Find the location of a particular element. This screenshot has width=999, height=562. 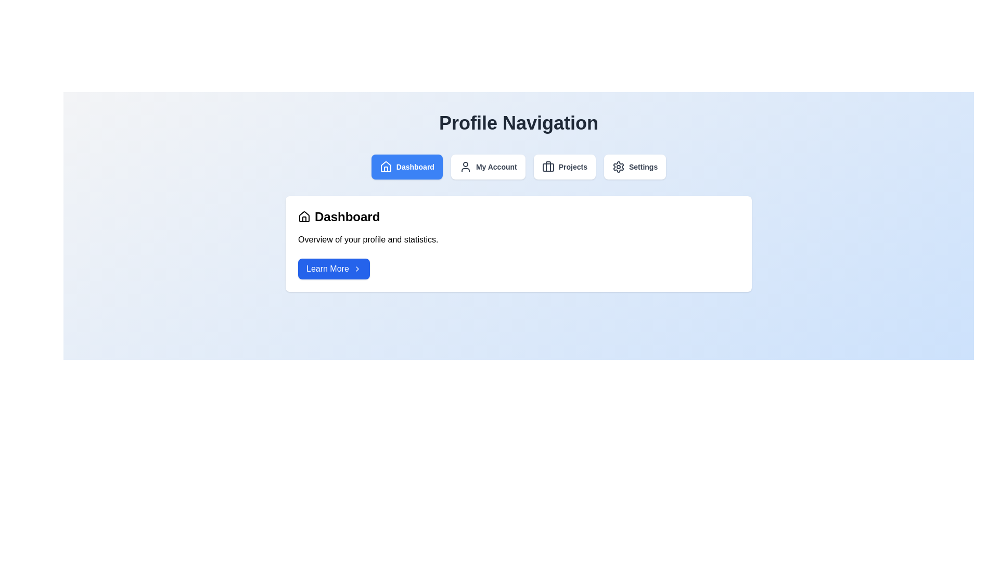

the Dashboard label which consists of a house icon and bold text 'Dashboard' located in the top-left section of a white rectangular card is located at coordinates (339, 216).